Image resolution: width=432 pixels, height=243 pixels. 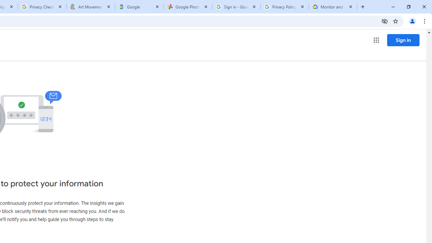 I want to click on 'Privacy Checkup', so click(x=42, y=7).